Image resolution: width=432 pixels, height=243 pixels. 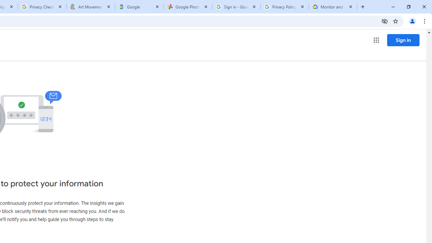 I want to click on 'Privacy Checkup', so click(x=42, y=7).